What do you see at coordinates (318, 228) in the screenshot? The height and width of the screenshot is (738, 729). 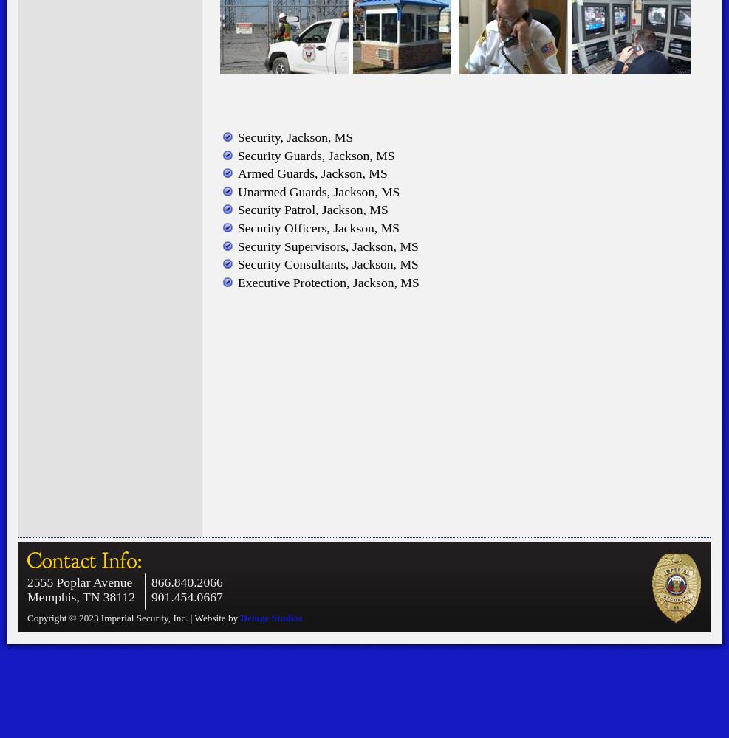 I see `'Security Officers, Jackson, MS'` at bounding box center [318, 228].